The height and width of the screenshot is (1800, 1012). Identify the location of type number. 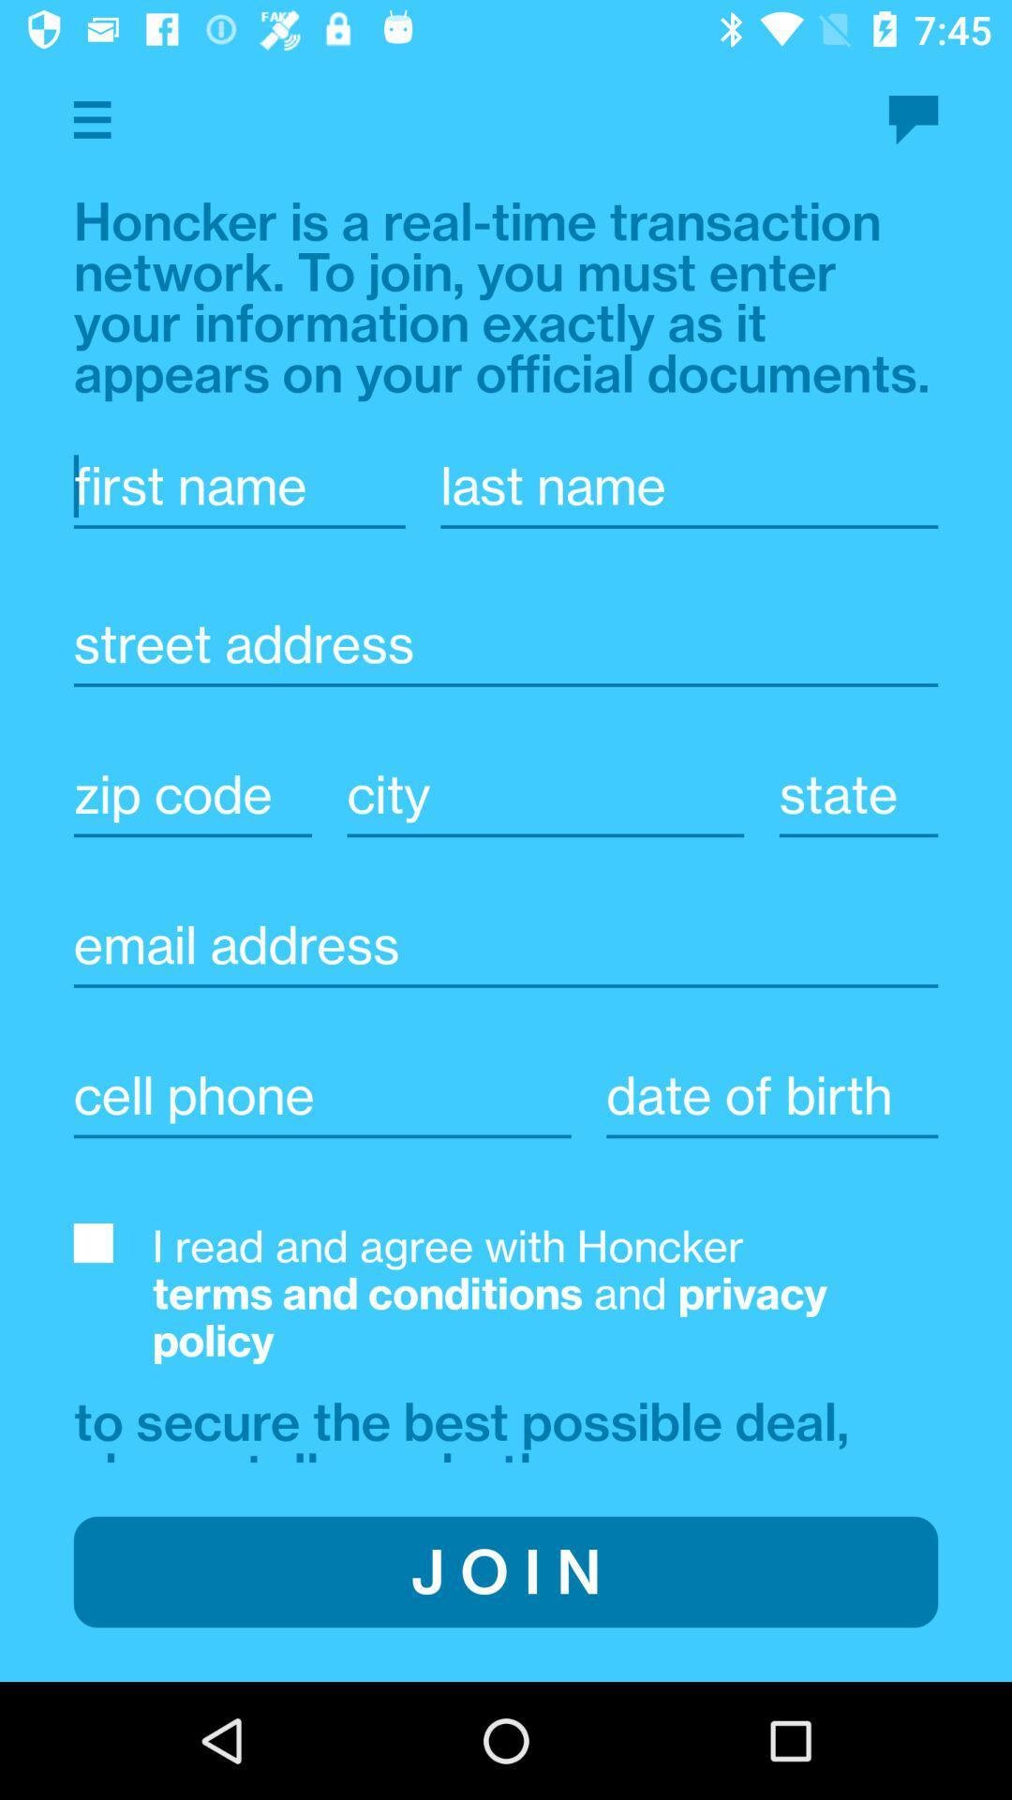
(321, 1095).